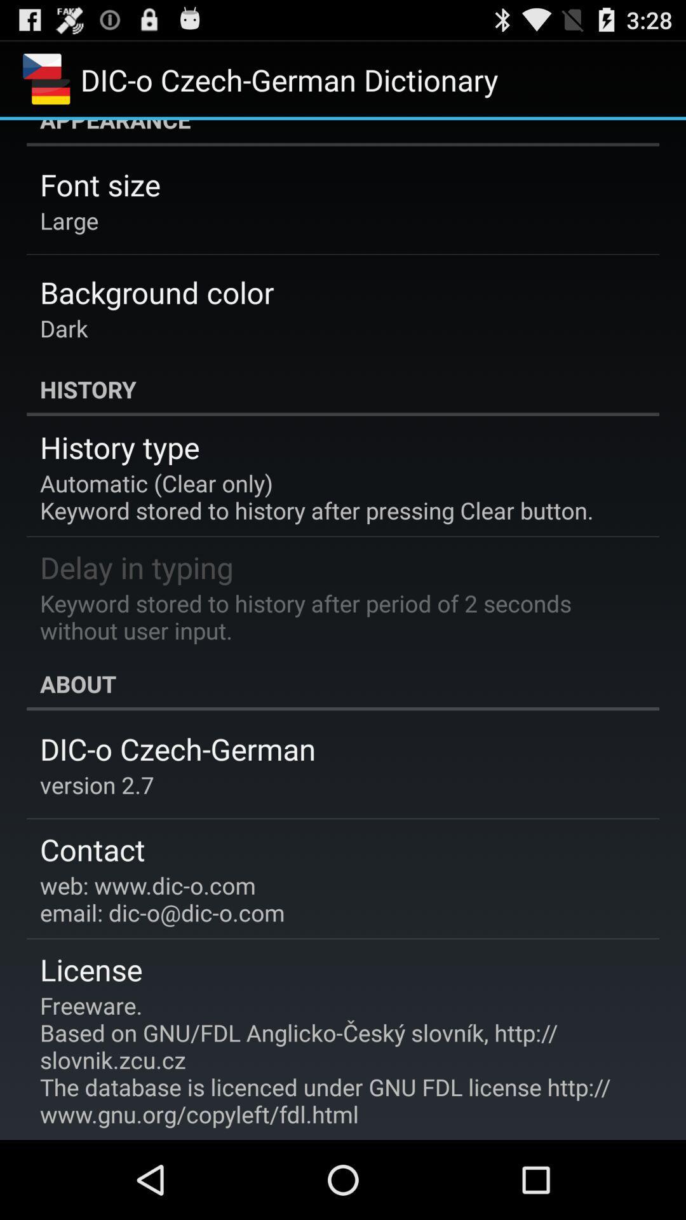 This screenshot has width=686, height=1220. I want to click on automatic clear only icon, so click(316, 496).